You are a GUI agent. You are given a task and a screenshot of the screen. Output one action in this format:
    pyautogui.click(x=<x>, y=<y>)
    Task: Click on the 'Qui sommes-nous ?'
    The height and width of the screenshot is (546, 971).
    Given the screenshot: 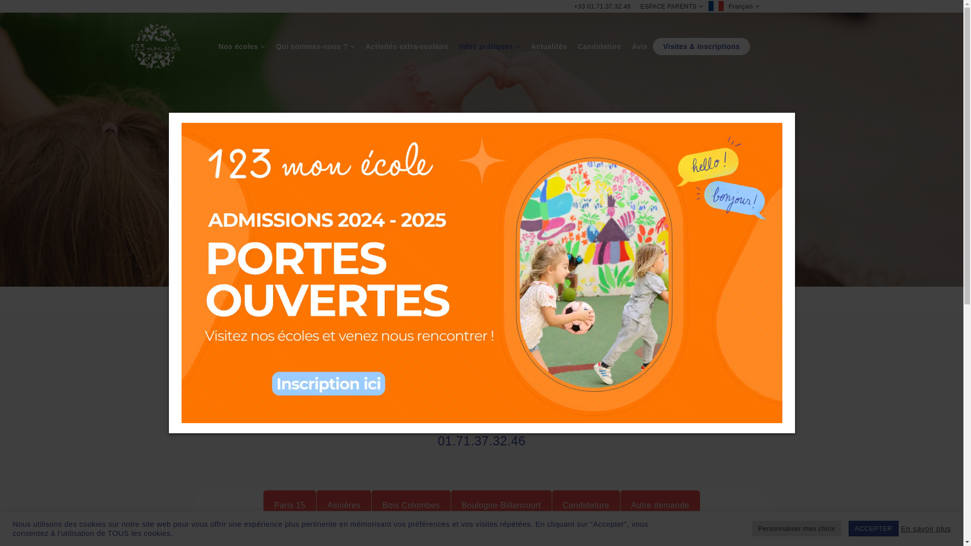 What is the action you would take?
    pyautogui.click(x=271, y=47)
    